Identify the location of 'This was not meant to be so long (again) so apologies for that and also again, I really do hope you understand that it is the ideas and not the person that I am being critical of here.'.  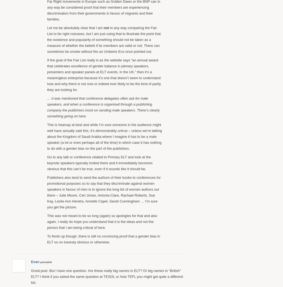
(47, 221).